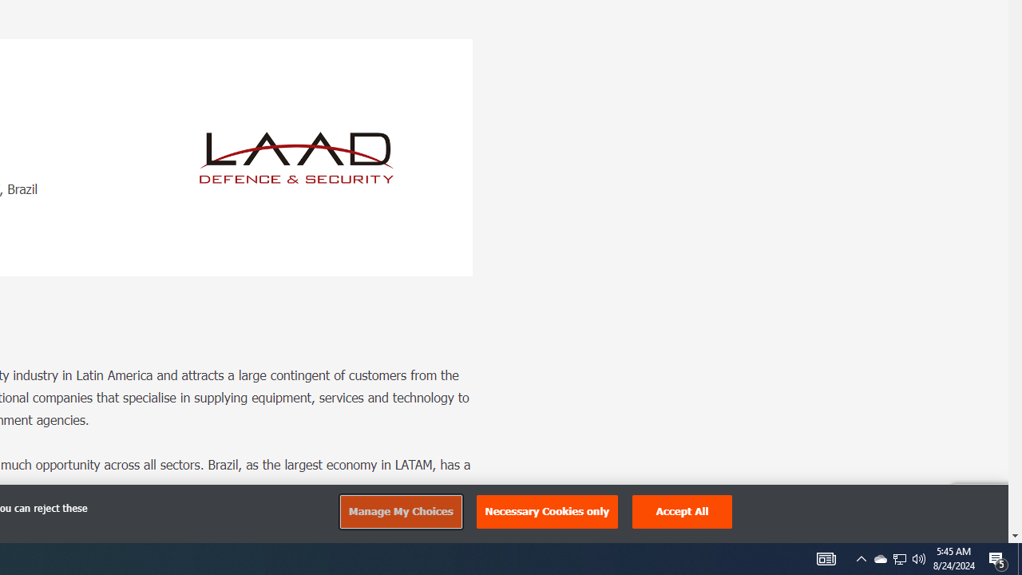 The height and width of the screenshot is (575, 1022). What do you see at coordinates (400, 511) in the screenshot?
I see `'Manage My Choices'` at bounding box center [400, 511].